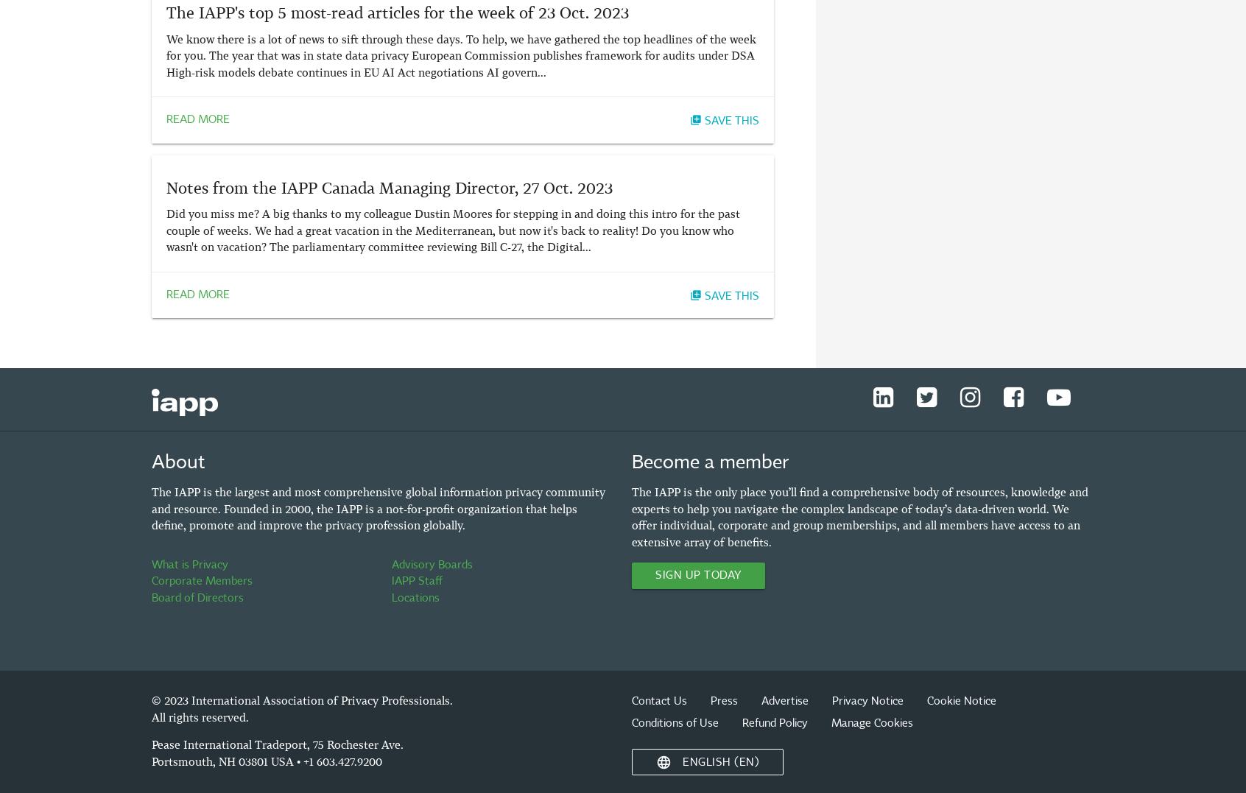  Describe the element at coordinates (267, 761) in the screenshot. I see `'Portsmouth, NH 03801 USA • +1 603.427.9200'` at that location.